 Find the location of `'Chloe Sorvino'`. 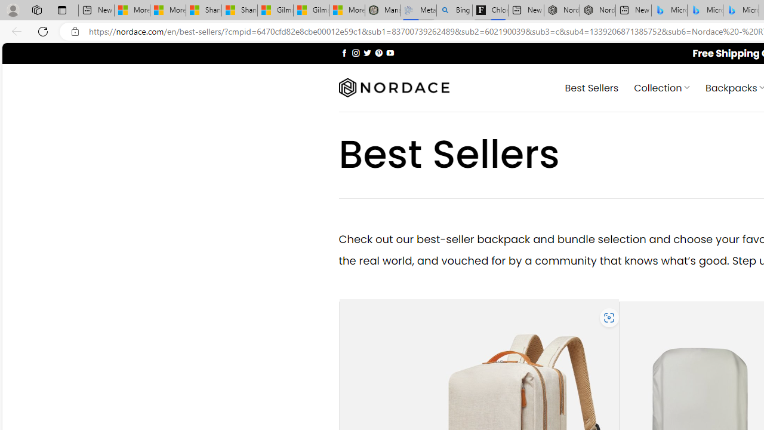

'Chloe Sorvino' is located at coordinates (490, 10).